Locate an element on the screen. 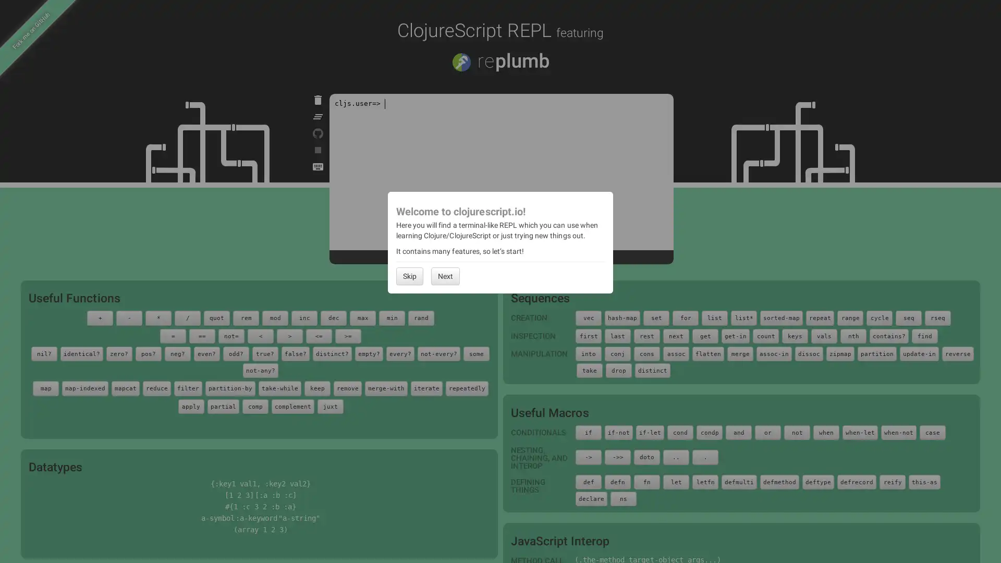 The height and width of the screenshot is (563, 1001). if-not is located at coordinates (618, 432).